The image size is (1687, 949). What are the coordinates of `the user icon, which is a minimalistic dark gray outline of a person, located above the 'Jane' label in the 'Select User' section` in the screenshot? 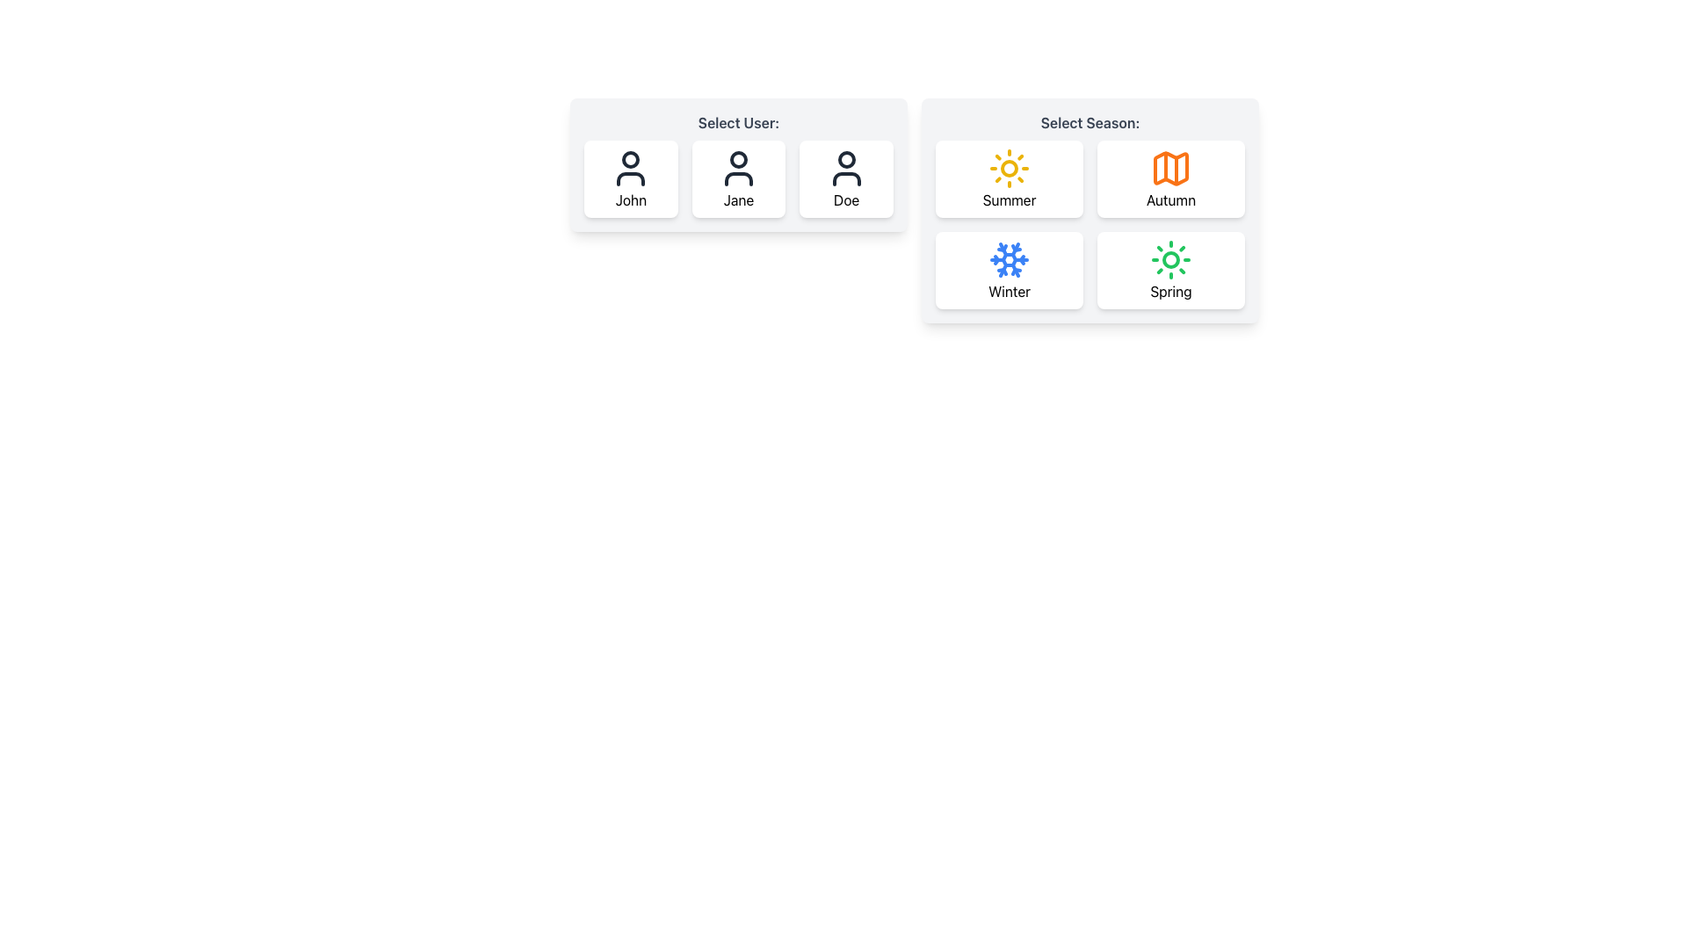 It's located at (738, 169).